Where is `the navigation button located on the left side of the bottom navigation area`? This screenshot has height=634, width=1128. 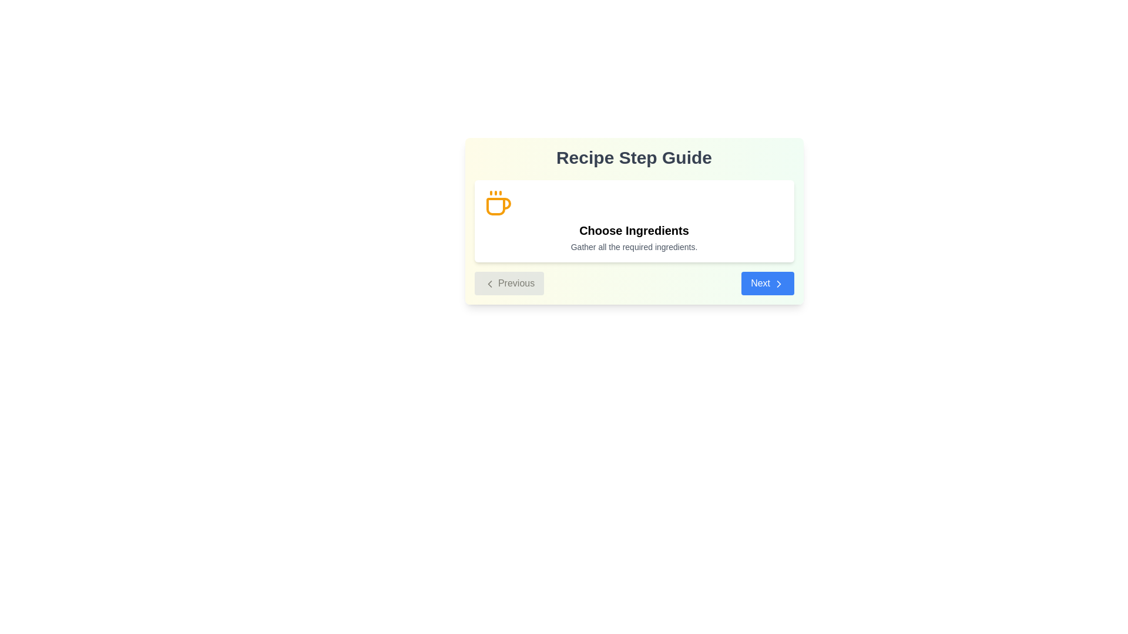 the navigation button located on the left side of the bottom navigation area is located at coordinates (509, 283).